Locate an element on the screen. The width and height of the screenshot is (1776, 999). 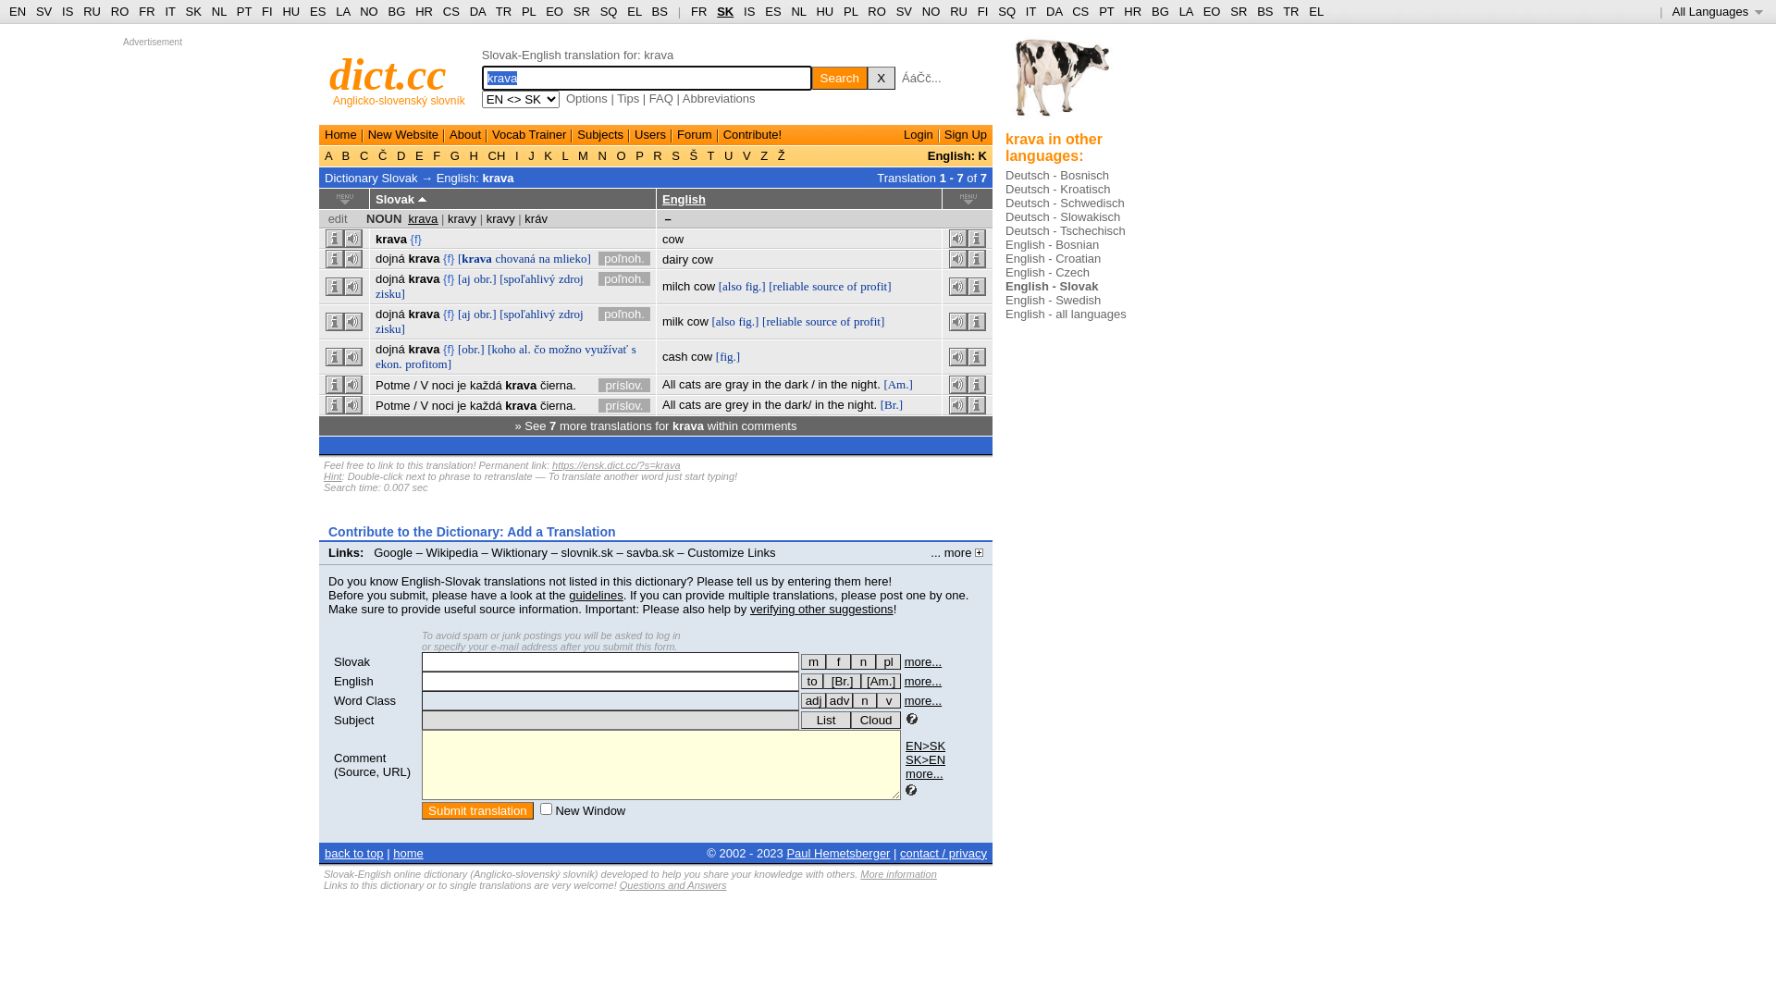
'Cloud' is located at coordinates (874, 719).